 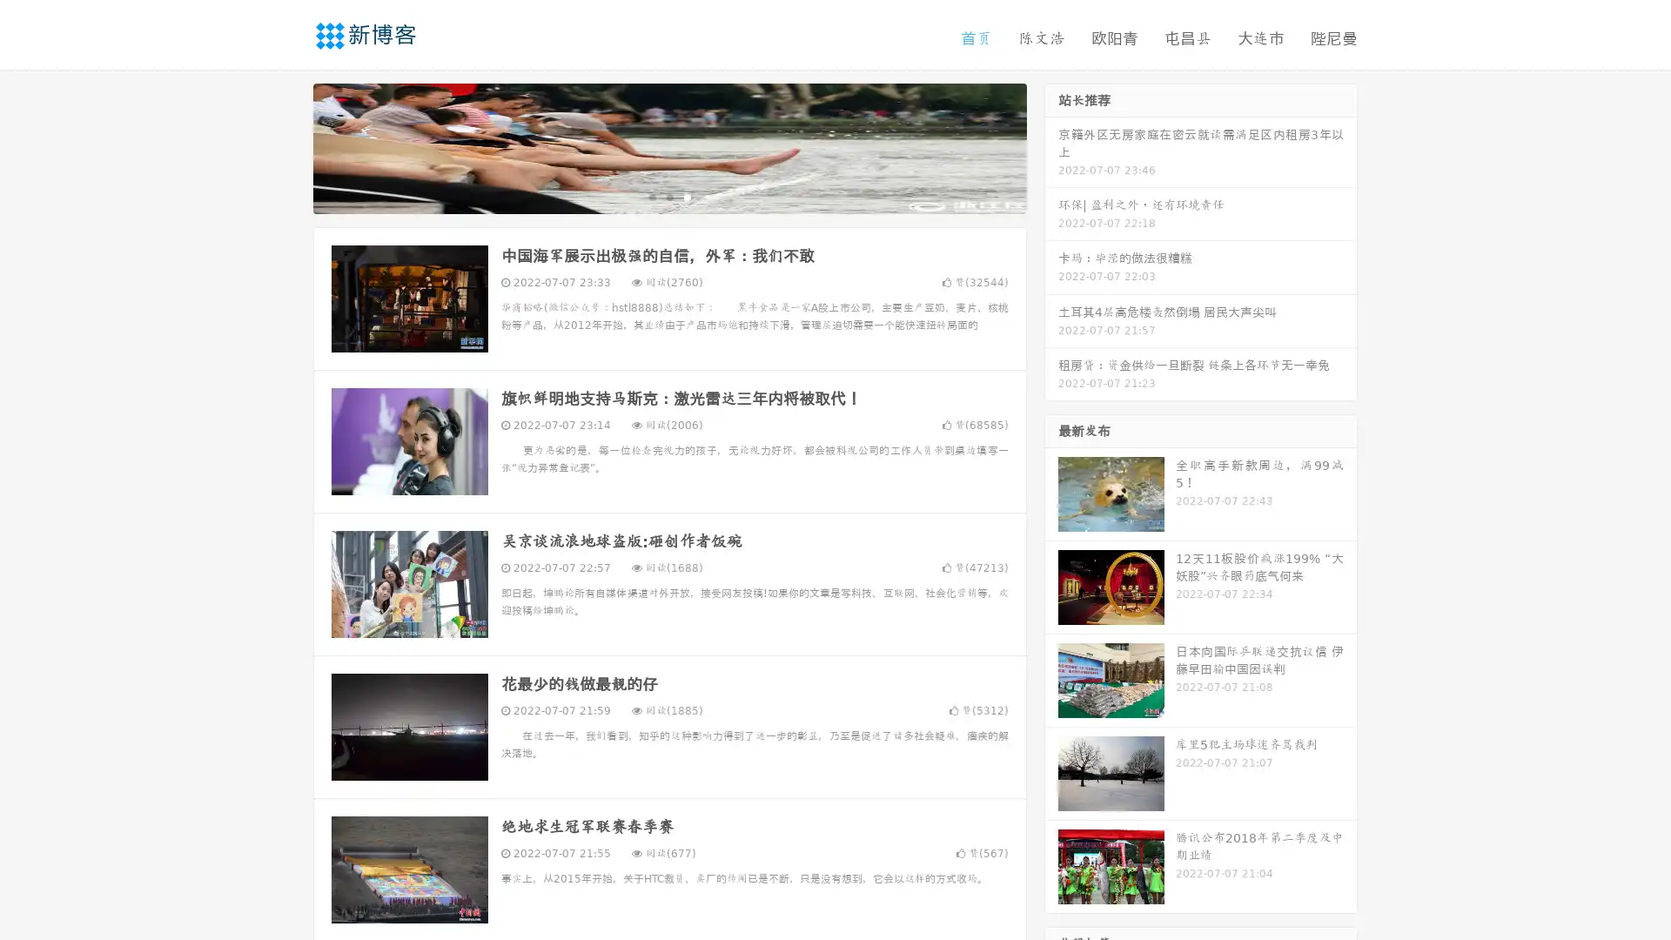 I want to click on Next slide, so click(x=1051, y=146).